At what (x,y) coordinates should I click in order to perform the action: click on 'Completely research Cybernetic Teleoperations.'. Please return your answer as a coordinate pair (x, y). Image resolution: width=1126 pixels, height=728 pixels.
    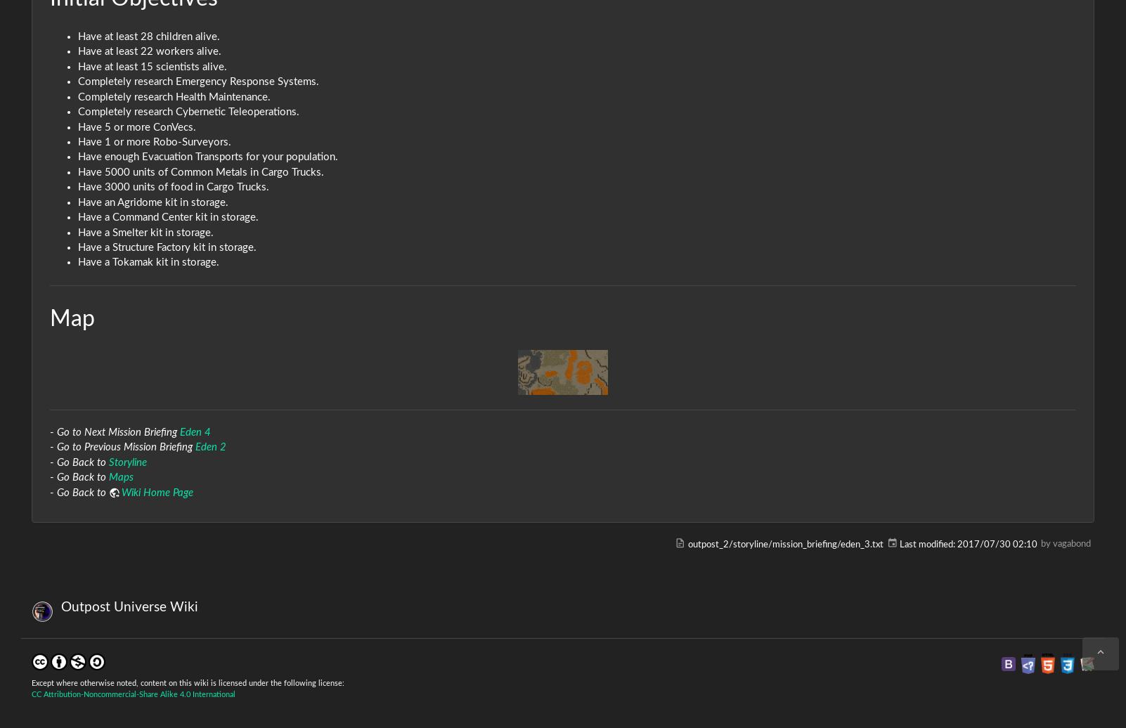
    Looking at the image, I should click on (188, 112).